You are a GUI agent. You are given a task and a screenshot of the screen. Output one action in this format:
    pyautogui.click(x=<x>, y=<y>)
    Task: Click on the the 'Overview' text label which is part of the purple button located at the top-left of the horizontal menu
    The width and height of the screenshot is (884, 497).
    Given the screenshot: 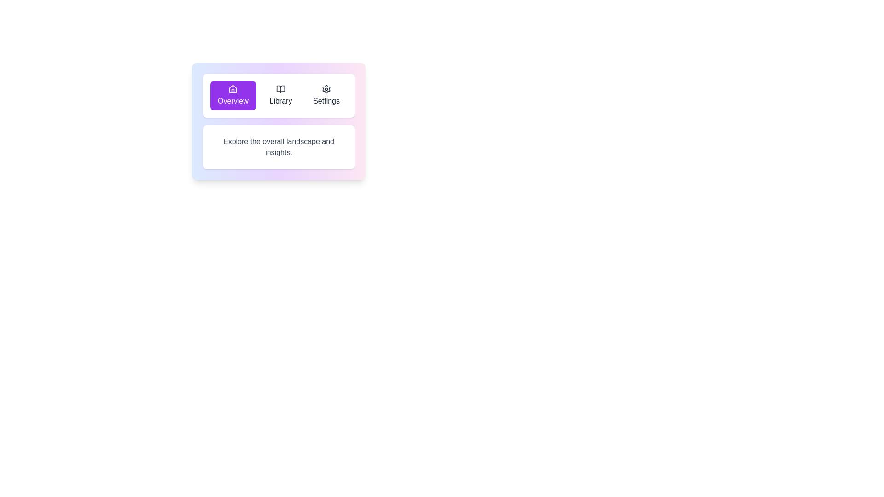 What is the action you would take?
    pyautogui.click(x=233, y=101)
    